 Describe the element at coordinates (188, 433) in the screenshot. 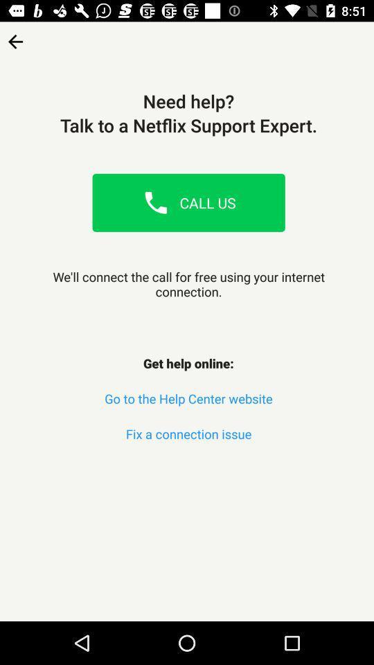

I see `the item below go to the` at that location.